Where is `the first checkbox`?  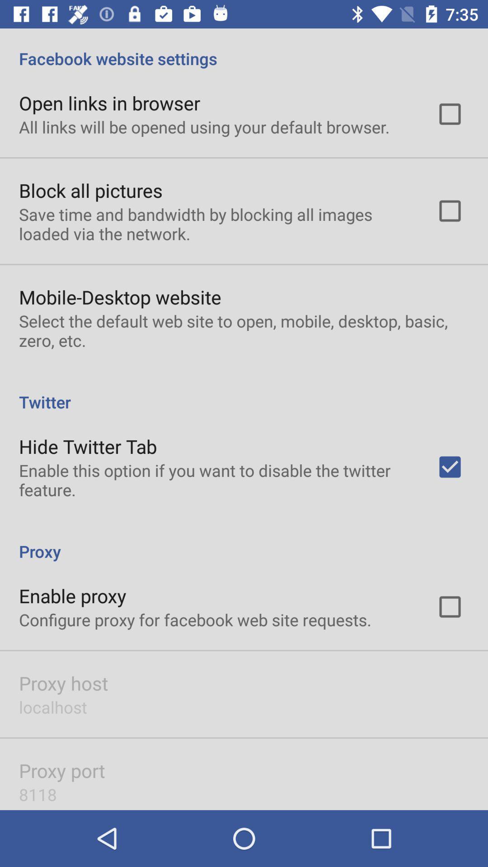
the first checkbox is located at coordinates (450, 114).